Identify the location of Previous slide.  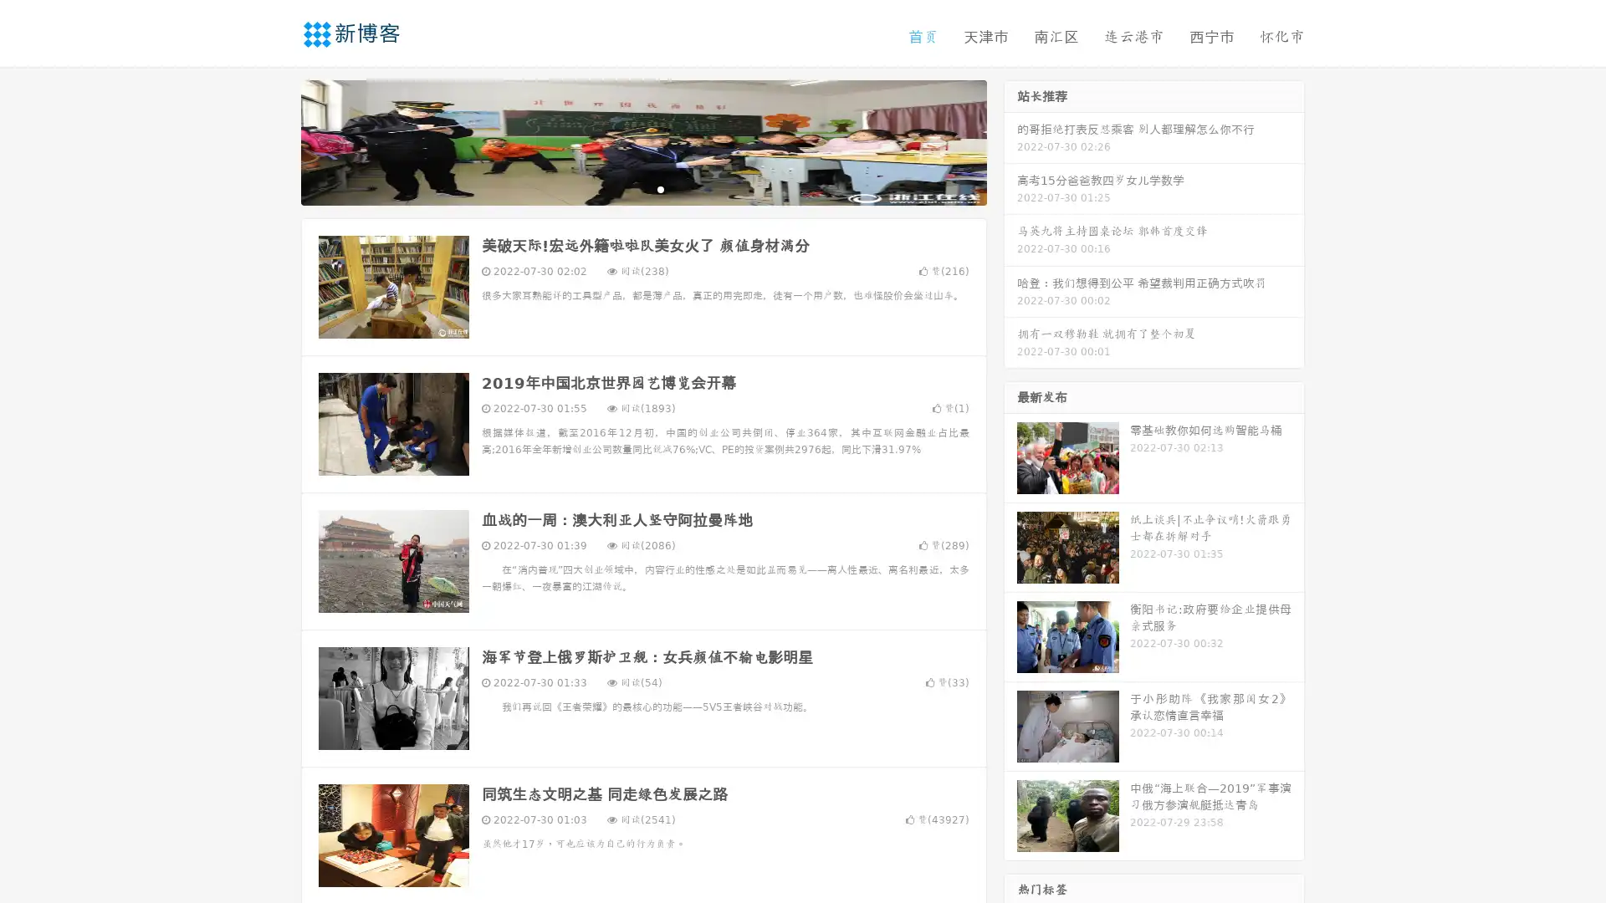
(276, 140).